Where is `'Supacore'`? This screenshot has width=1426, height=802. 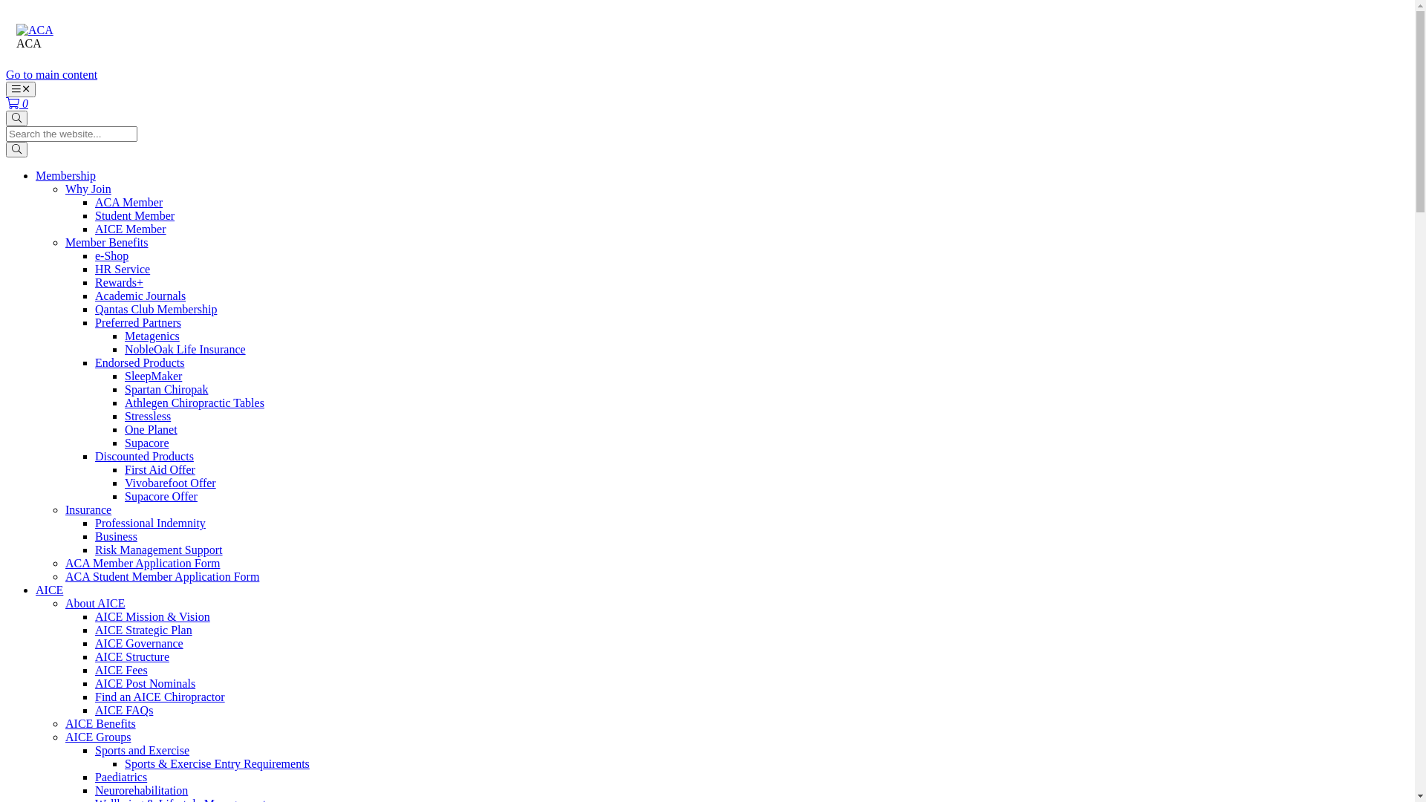
'Supacore' is located at coordinates (146, 442).